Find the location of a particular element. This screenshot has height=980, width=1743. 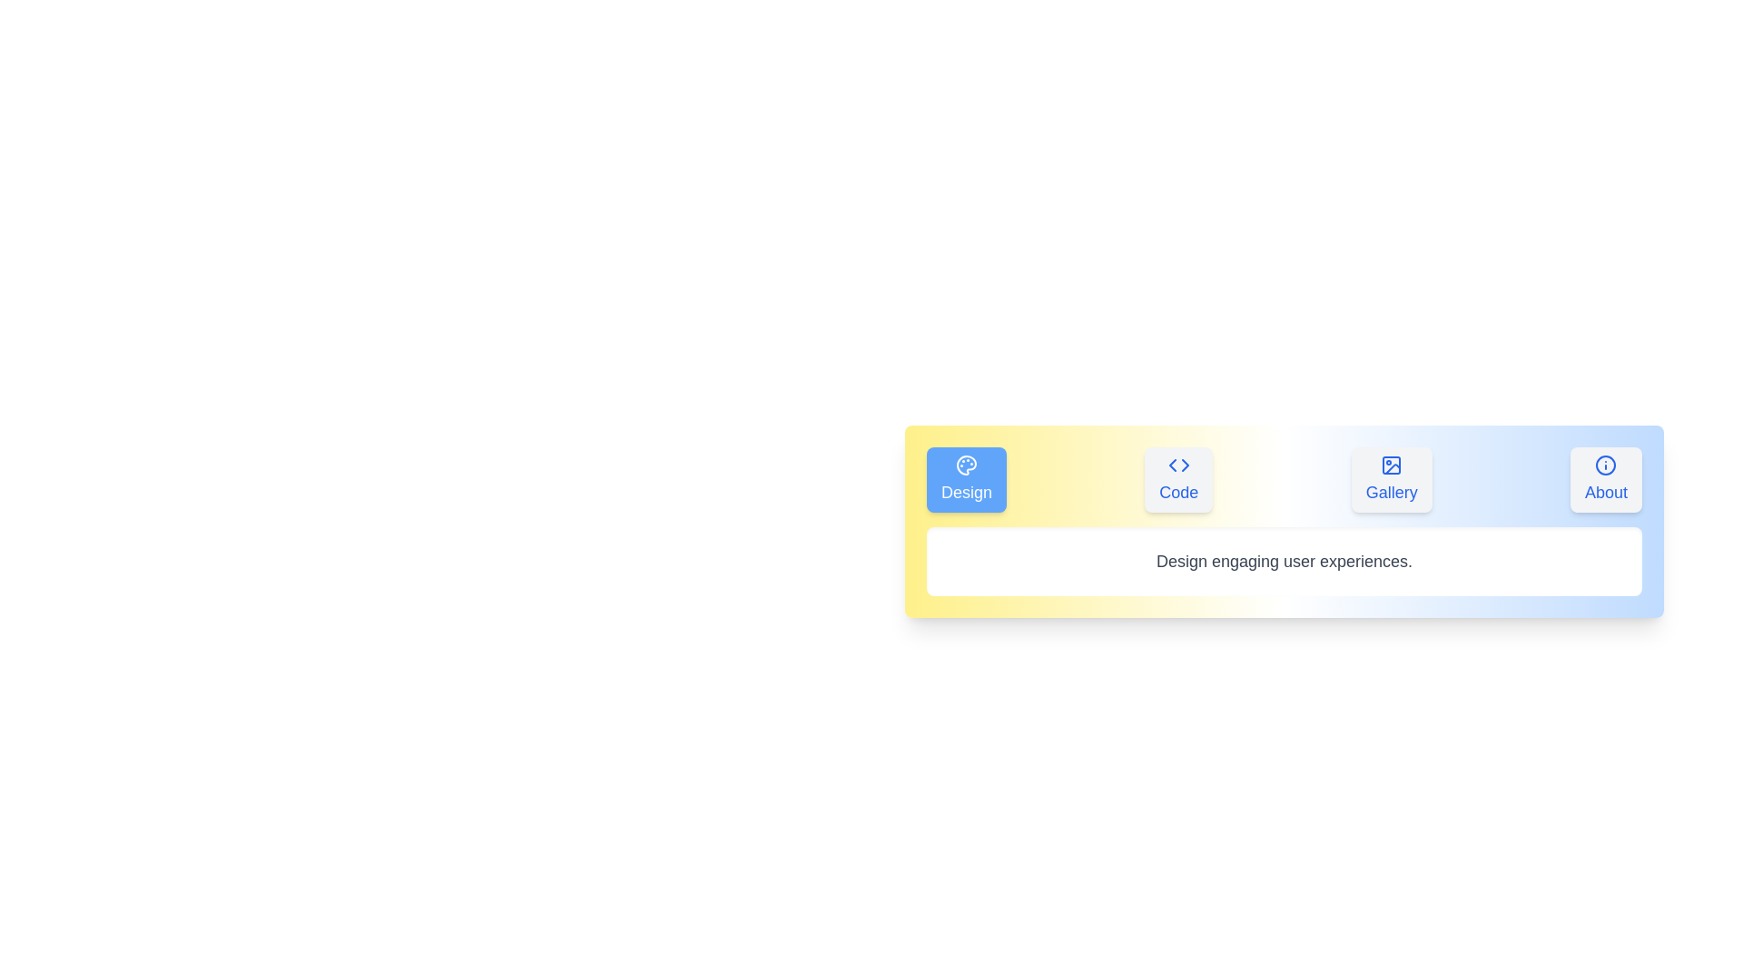

the text 'Design engaging user experiences.' displayed in the content area is located at coordinates (1284, 560).